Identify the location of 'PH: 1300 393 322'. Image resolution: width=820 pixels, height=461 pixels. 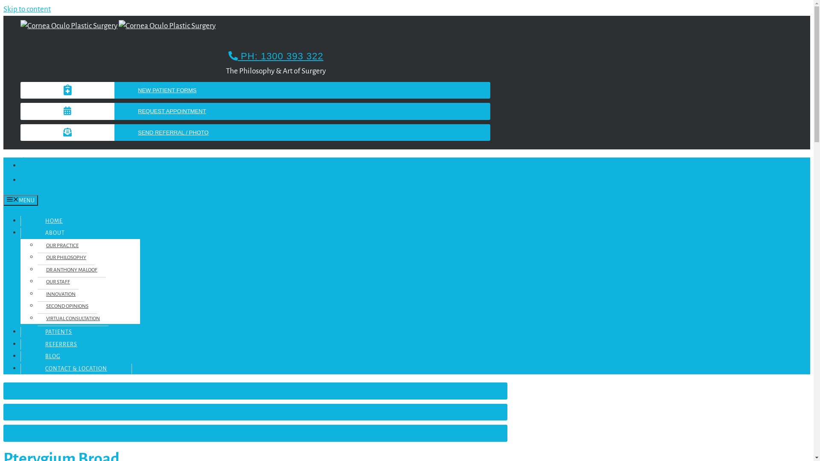
(275, 56).